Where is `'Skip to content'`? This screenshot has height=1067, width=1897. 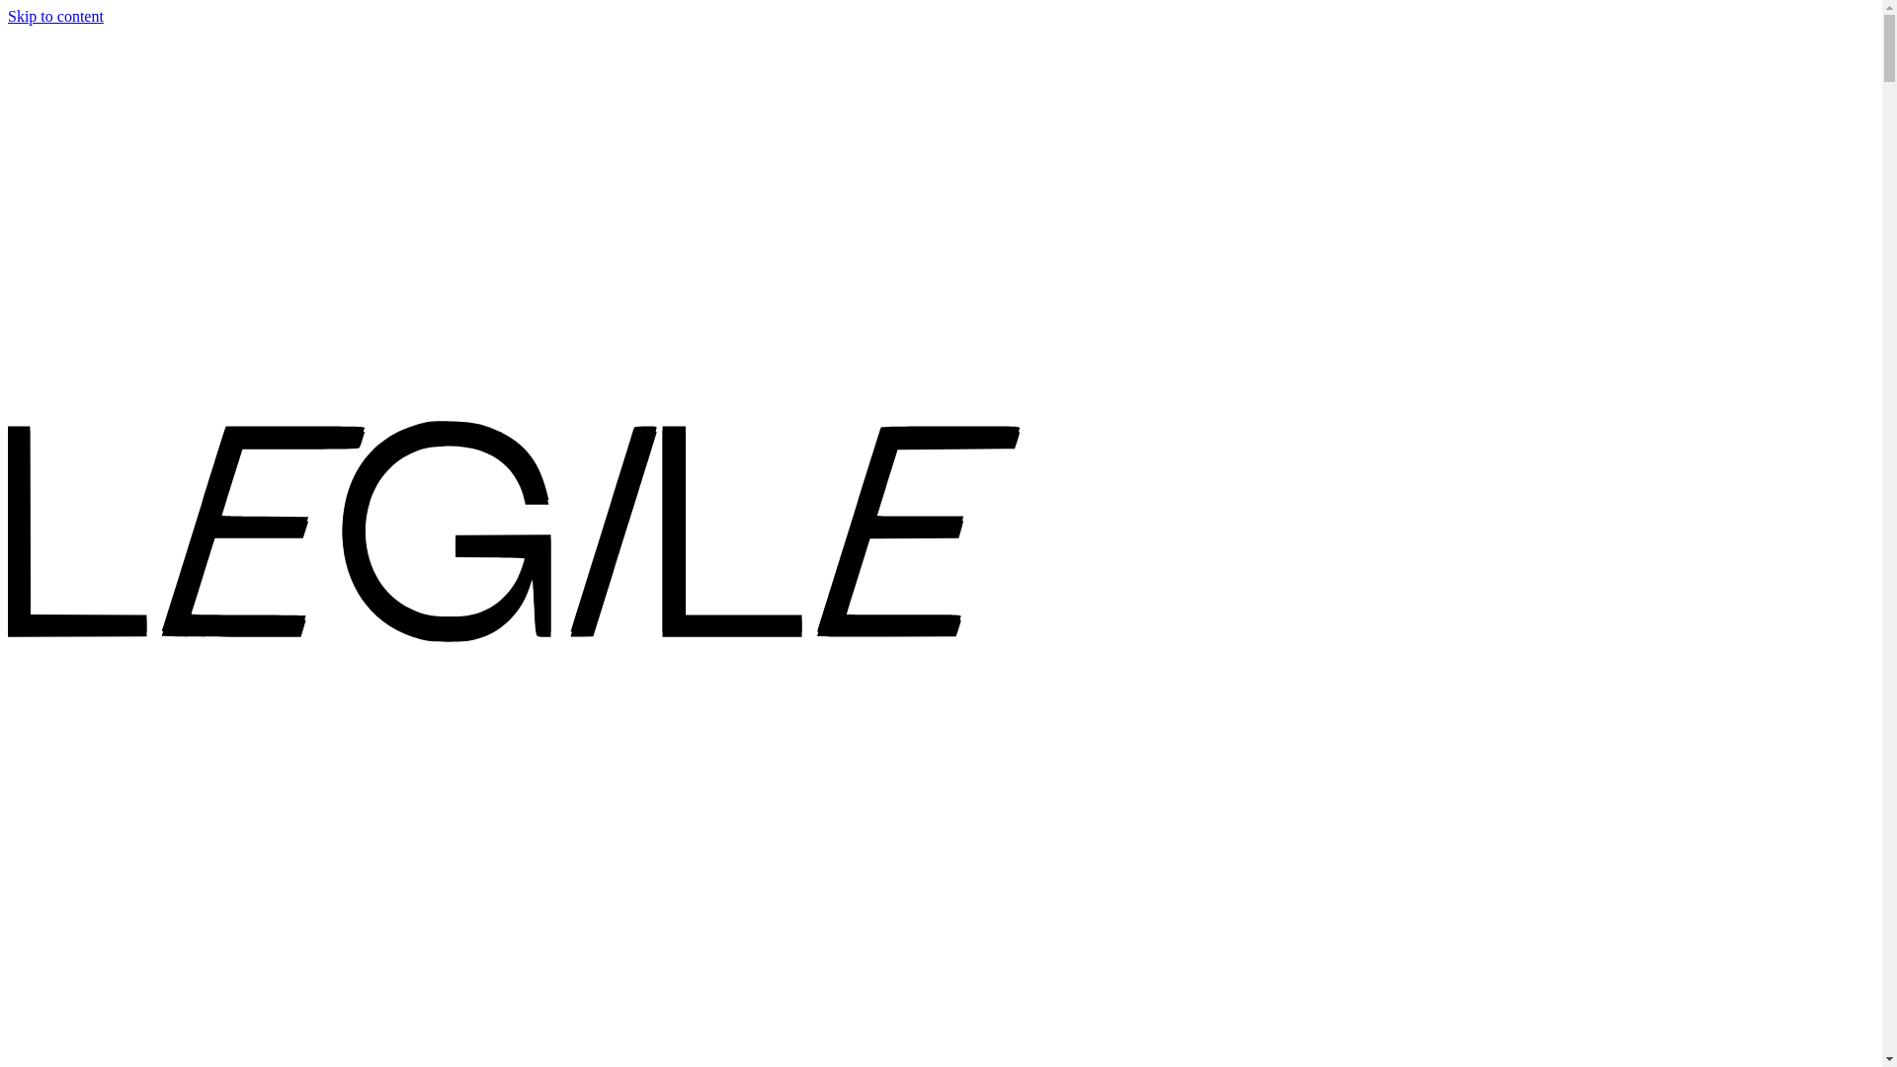
'Skip to content' is located at coordinates (55, 16).